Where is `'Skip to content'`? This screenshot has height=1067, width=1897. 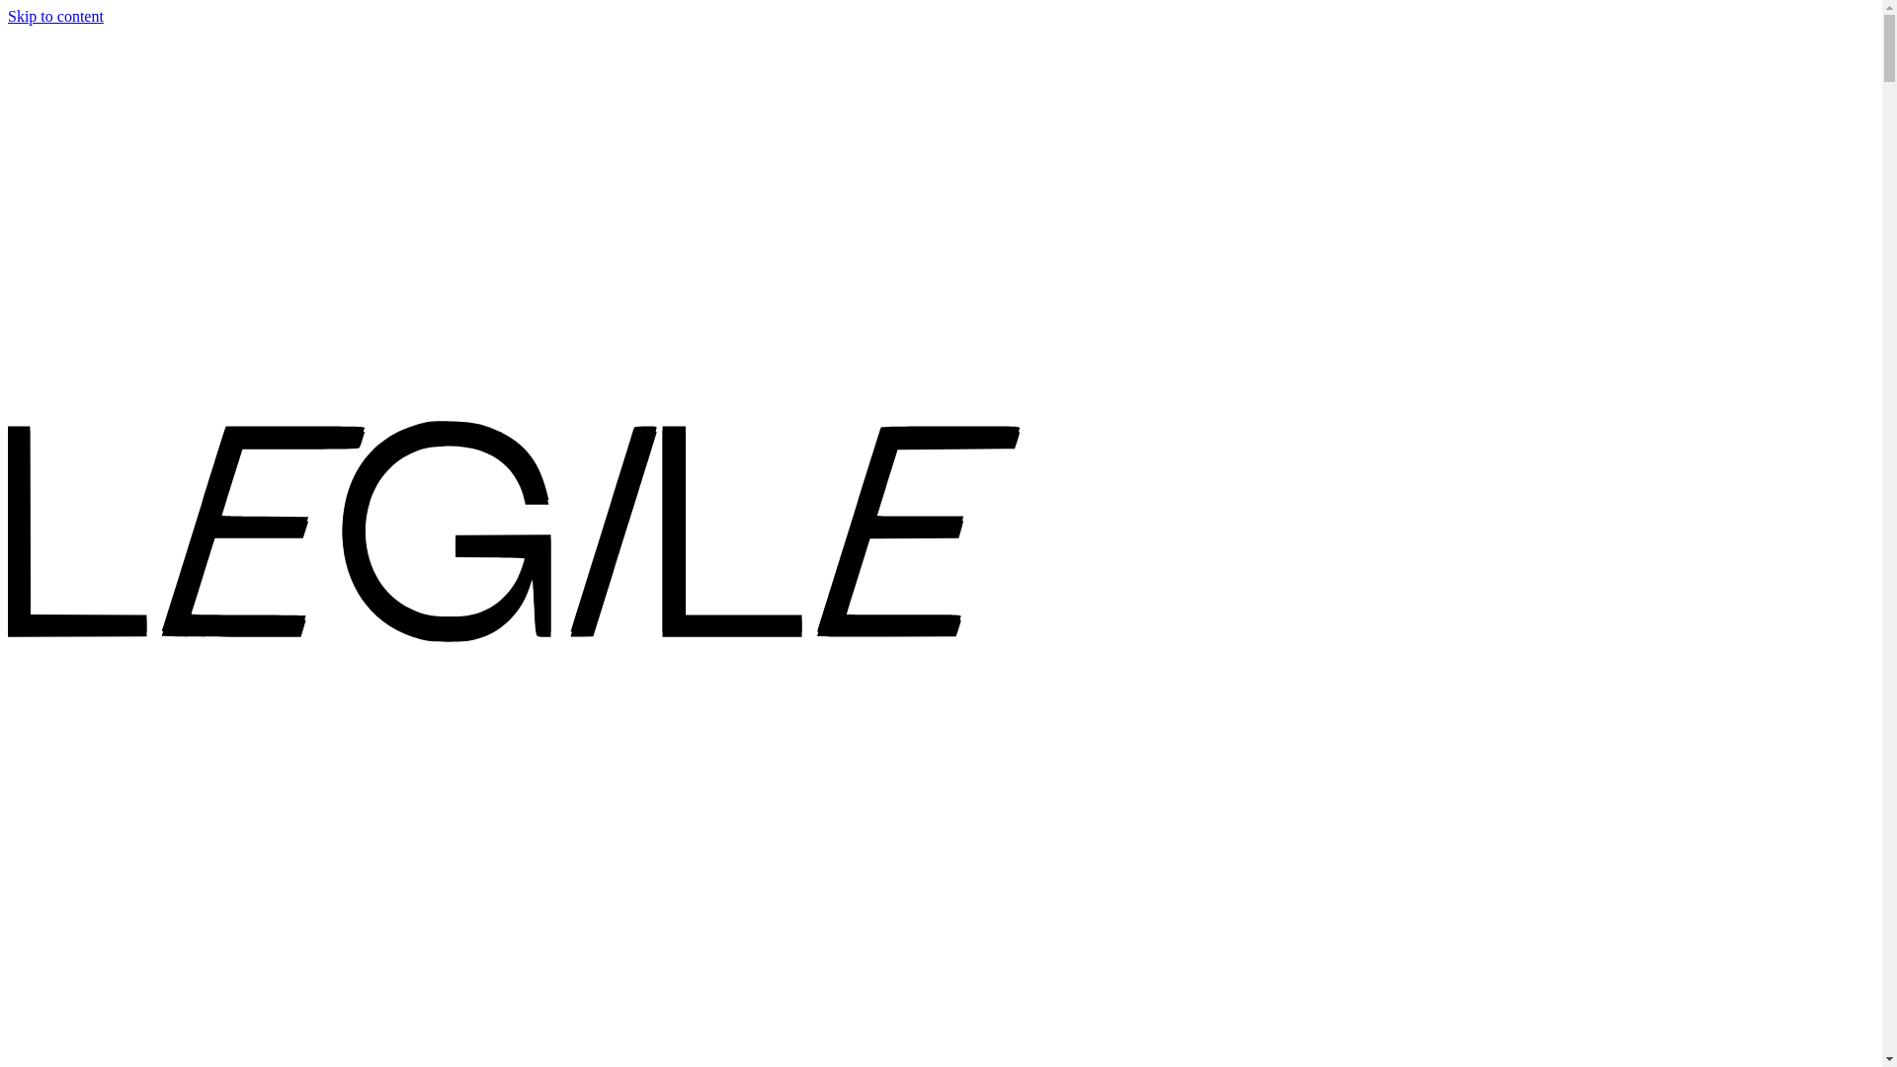
'Skip to content' is located at coordinates (55, 16).